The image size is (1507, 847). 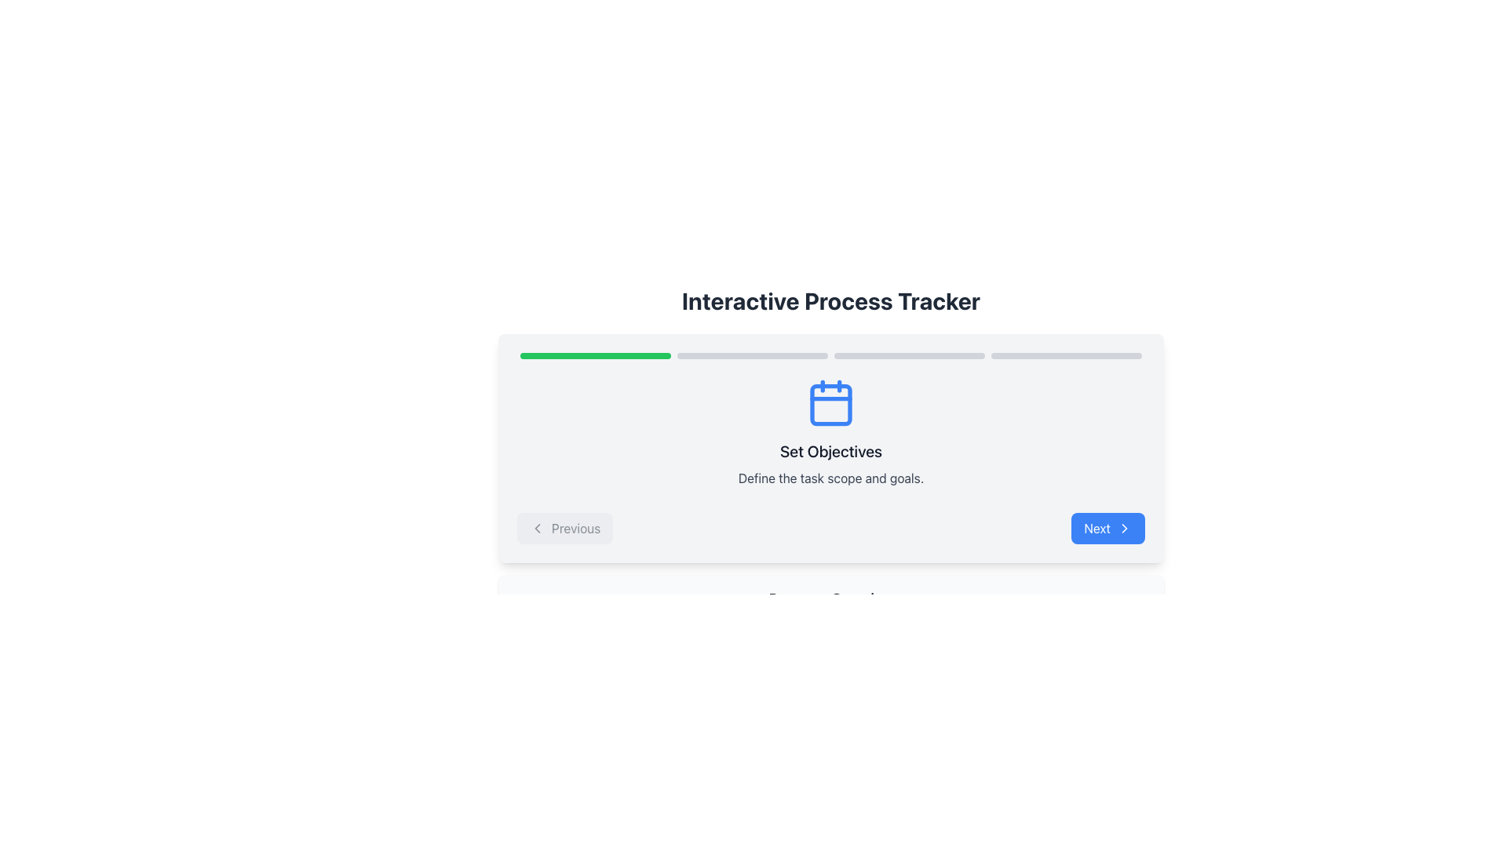 I want to click on the 'Set Objectives' text label, which is displayed in large, bold, dark typography, centrally aligned below the progress bar and above the descriptive text, so click(x=830, y=451).